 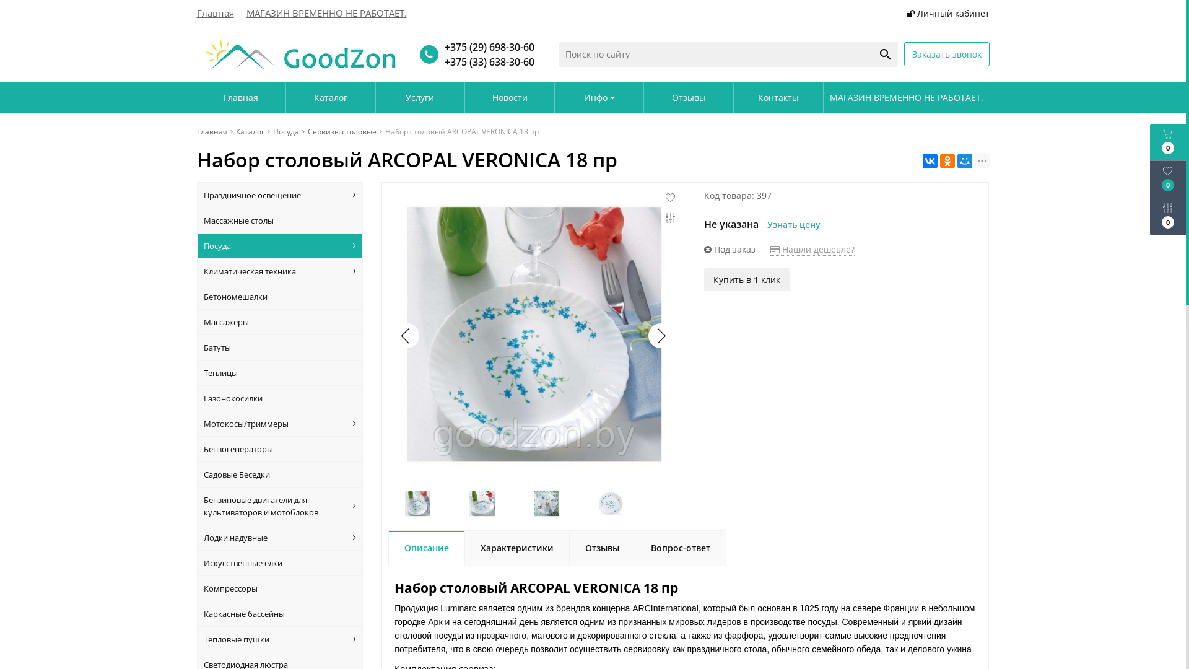 I want to click on '+375 (33) 638-30-60', so click(x=438, y=62).